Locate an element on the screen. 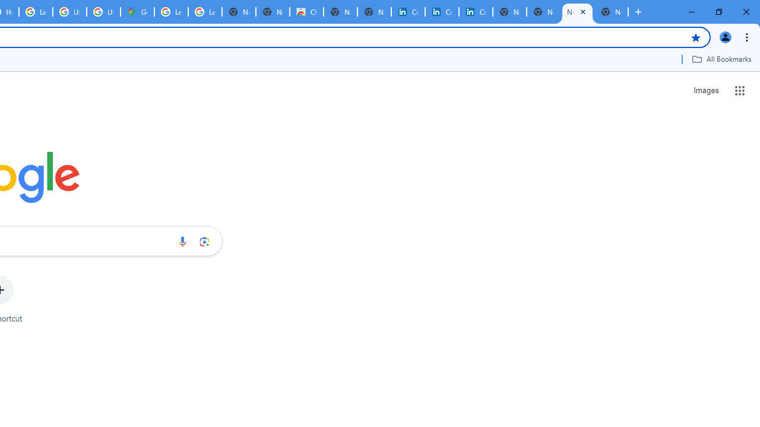 The height and width of the screenshot is (427, 760). 'Chrome Web Store' is located at coordinates (306, 12).